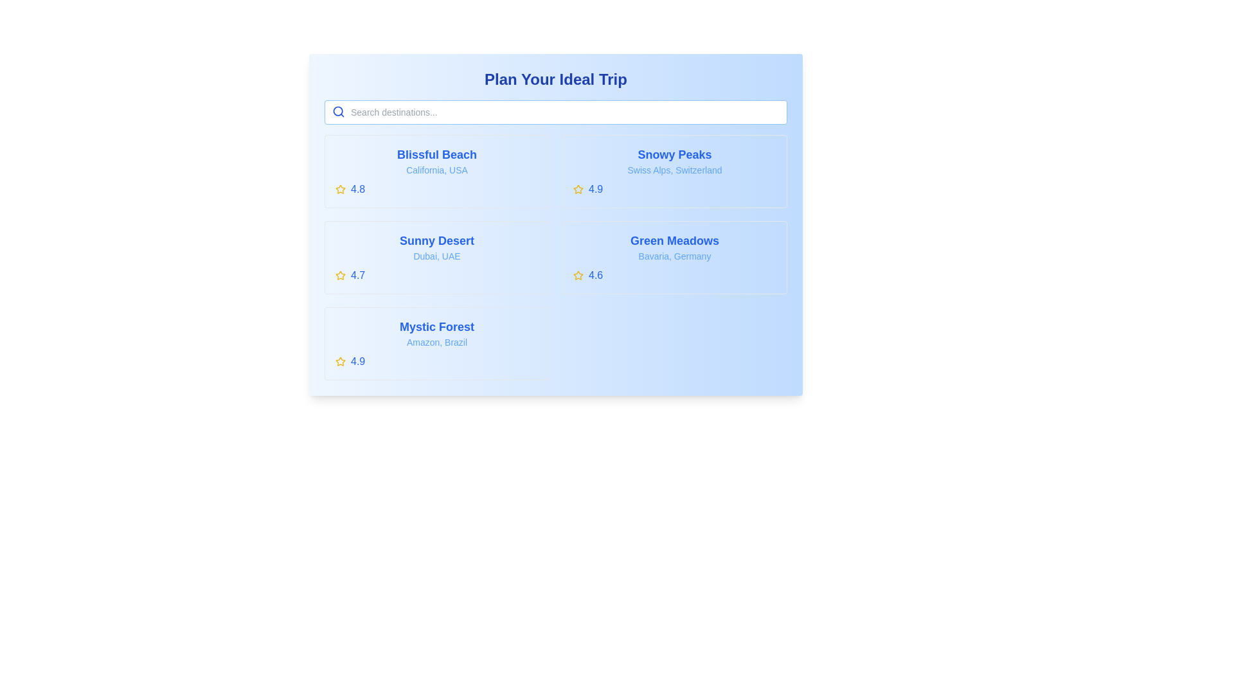  Describe the element at coordinates (674, 154) in the screenshot. I see `the destination name label located in the top-right quadrant of the application interface, above the subtitle 'Swiss Alps, Switzerland'` at that location.